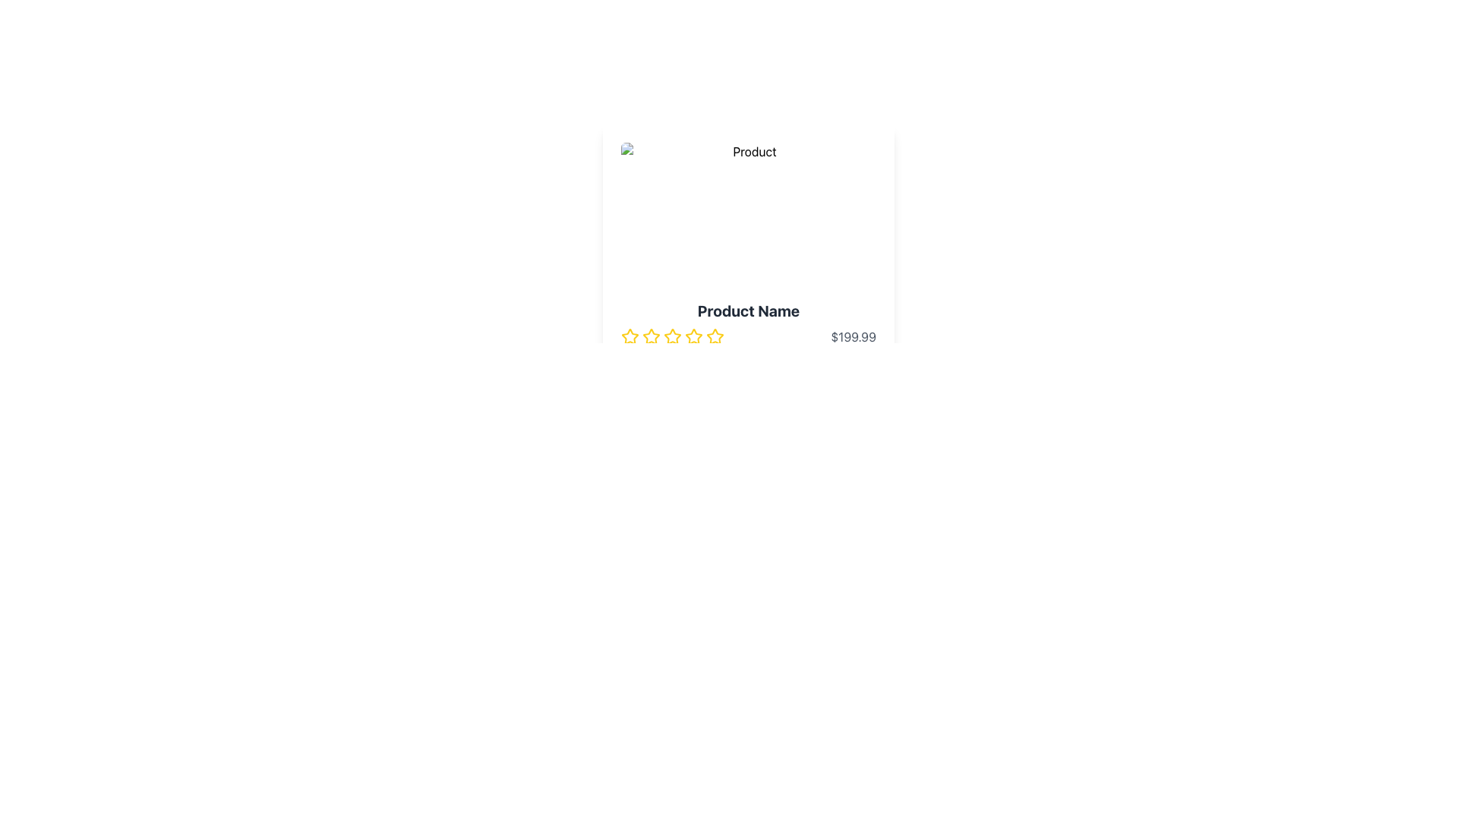 The width and height of the screenshot is (1458, 820). I want to click on the highlighted yellow outlined star icon, which is the first star in a row of rating stars, to rate the product, so click(630, 336).